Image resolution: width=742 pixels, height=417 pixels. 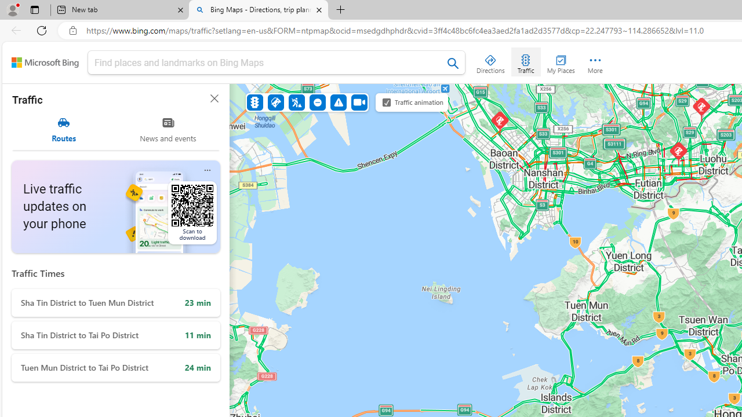 I want to click on 'Accidents', so click(x=275, y=101).